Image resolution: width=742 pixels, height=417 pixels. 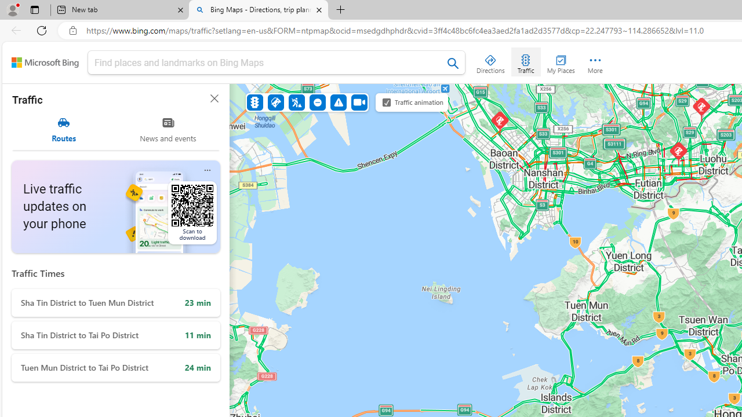 I want to click on 'Accidents', so click(x=275, y=101).